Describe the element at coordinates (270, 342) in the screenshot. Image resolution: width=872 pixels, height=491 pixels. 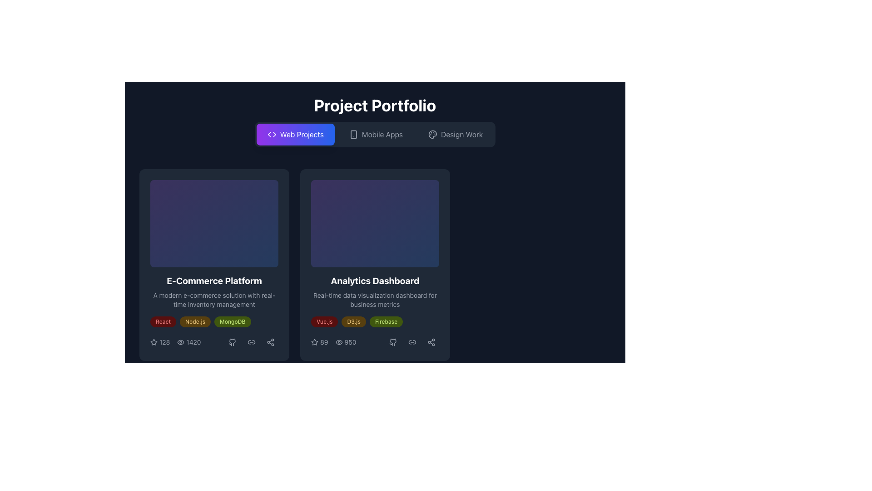
I see `the share functionality icon, which is a circular icon with three small circular nodes connected by lines in a triangular layout, located at the bottom-right corner of the card labeled 'E-Commerce Platform'` at that location.